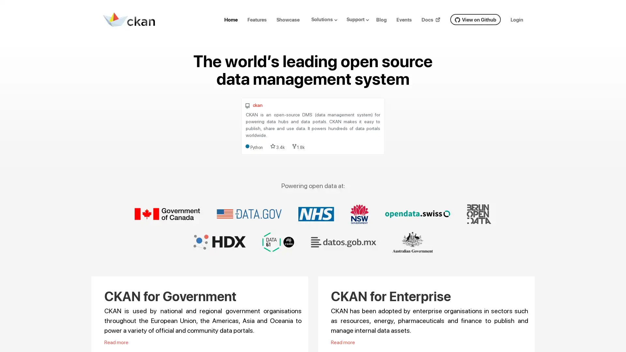 The width and height of the screenshot is (626, 352). What do you see at coordinates (360, 19) in the screenshot?
I see `Support` at bounding box center [360, 19].